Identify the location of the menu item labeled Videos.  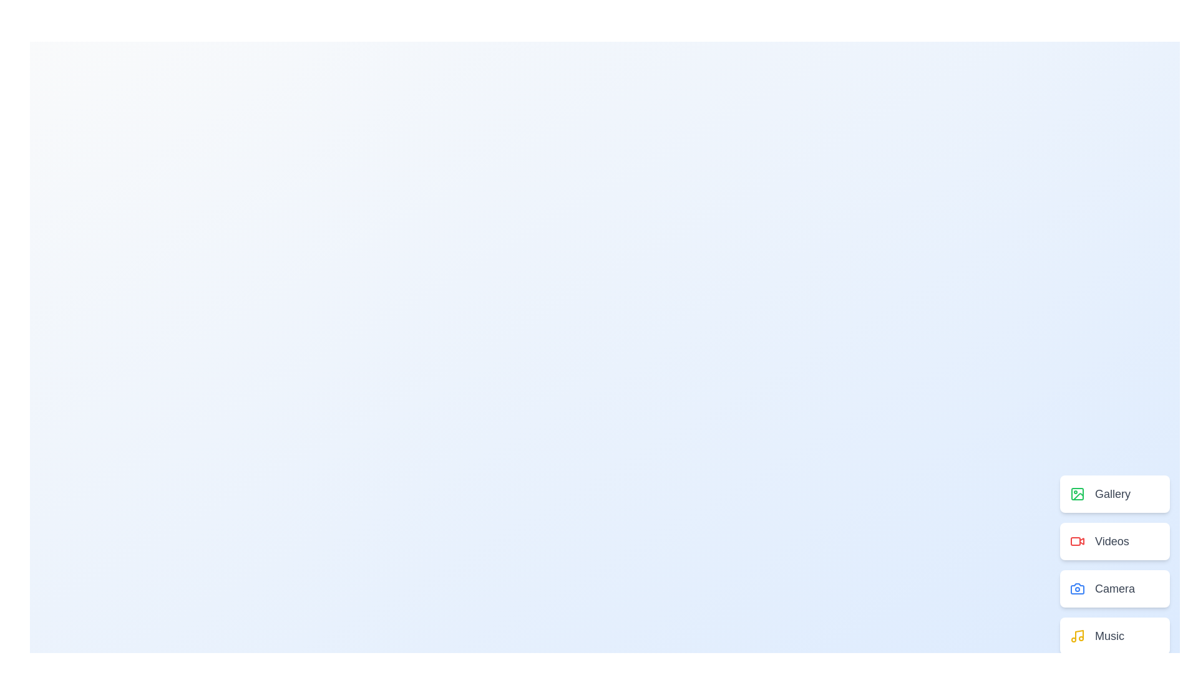
(1114, 540).